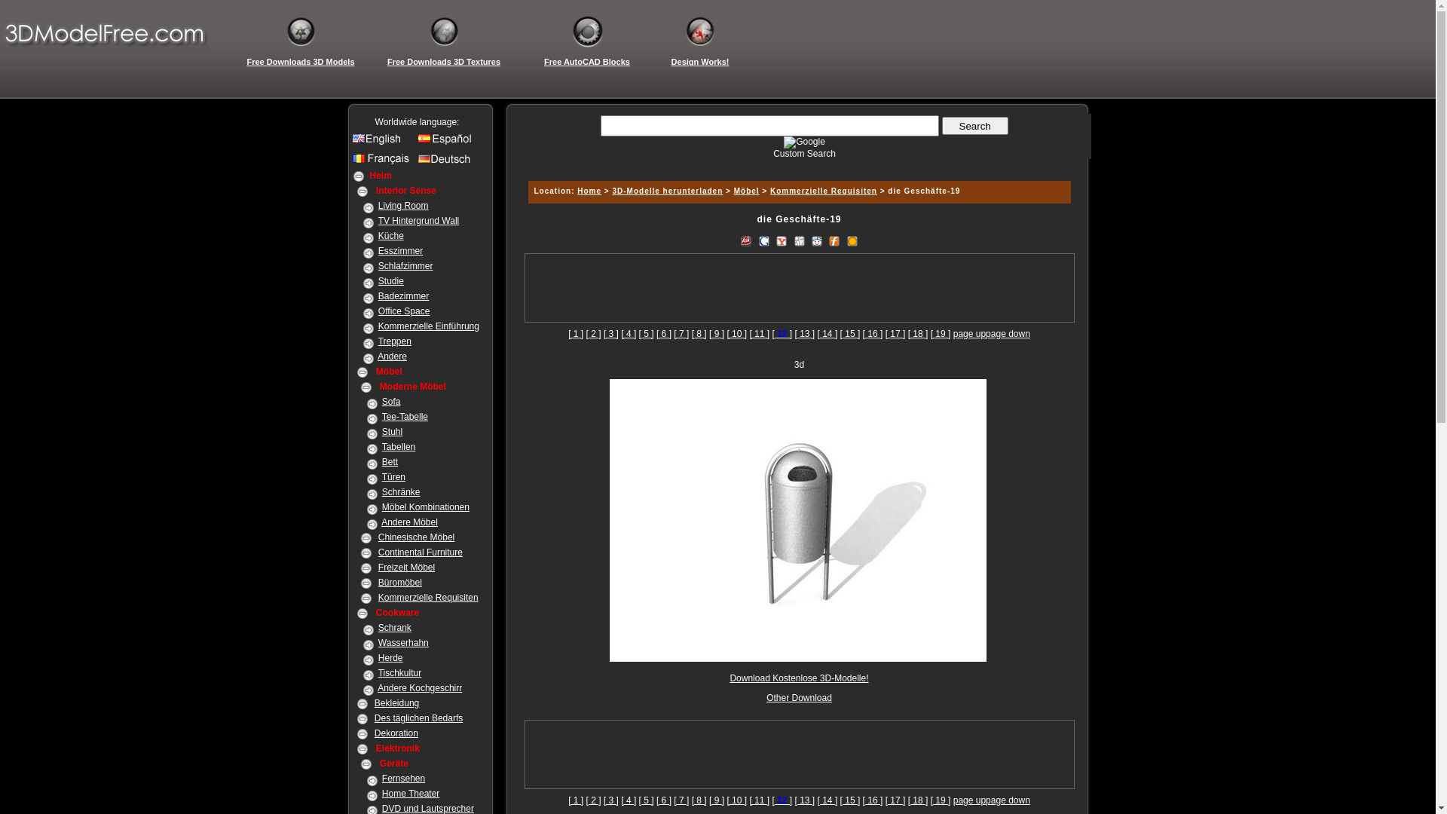 The width and height of the screenshot is (1447, 814). What do you see at coordinates (392, 357) in the screenshot?
I see `'Andere'` at bounding box center [392, 357].